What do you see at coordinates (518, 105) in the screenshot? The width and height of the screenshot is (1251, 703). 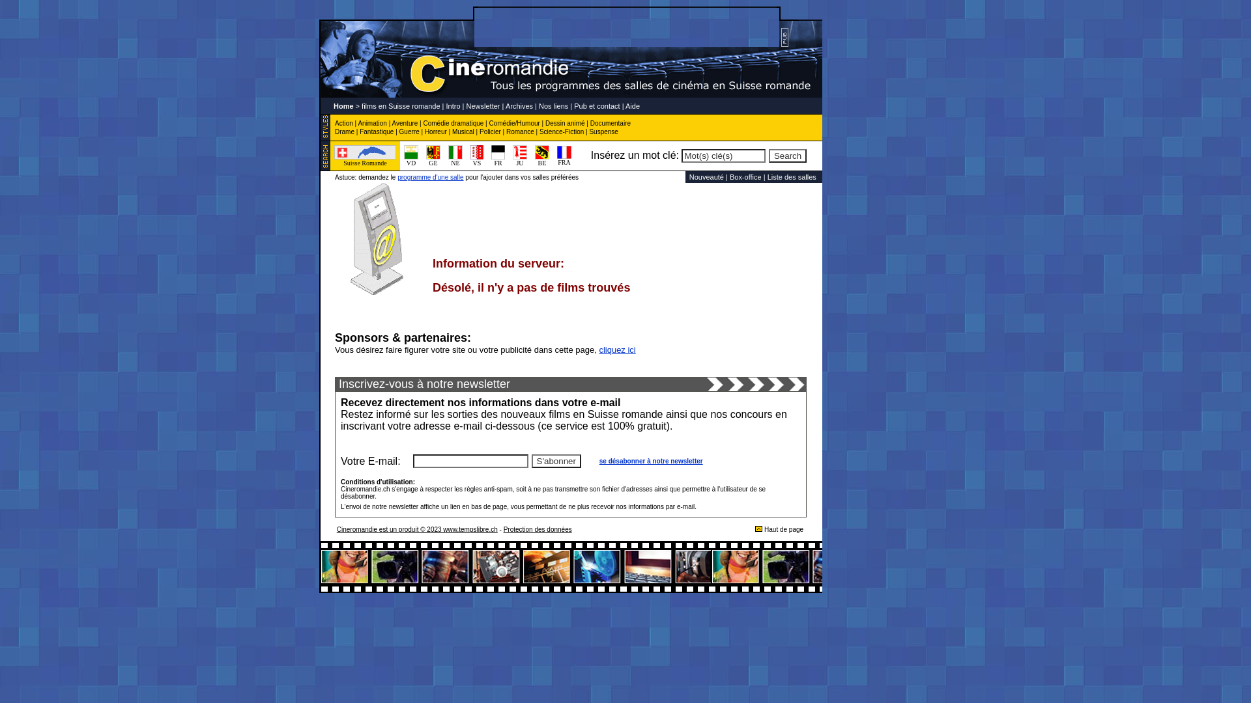 I see `'Archives'` at bounding box center [518, 105].